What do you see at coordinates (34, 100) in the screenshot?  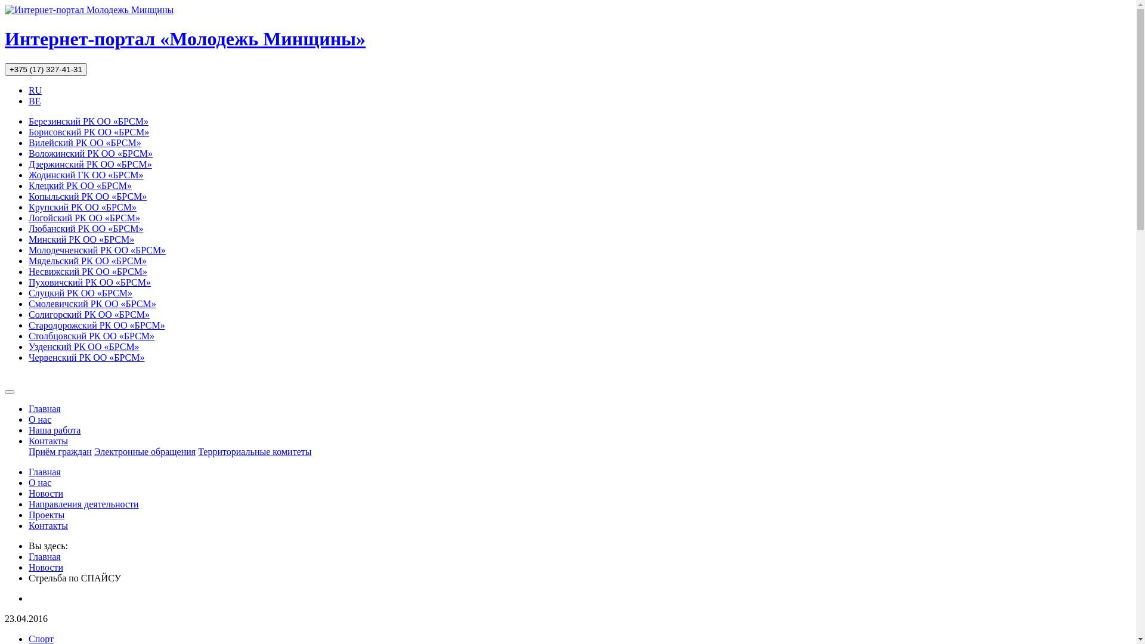 I see `'BE'` at bounding box center [34, 100].